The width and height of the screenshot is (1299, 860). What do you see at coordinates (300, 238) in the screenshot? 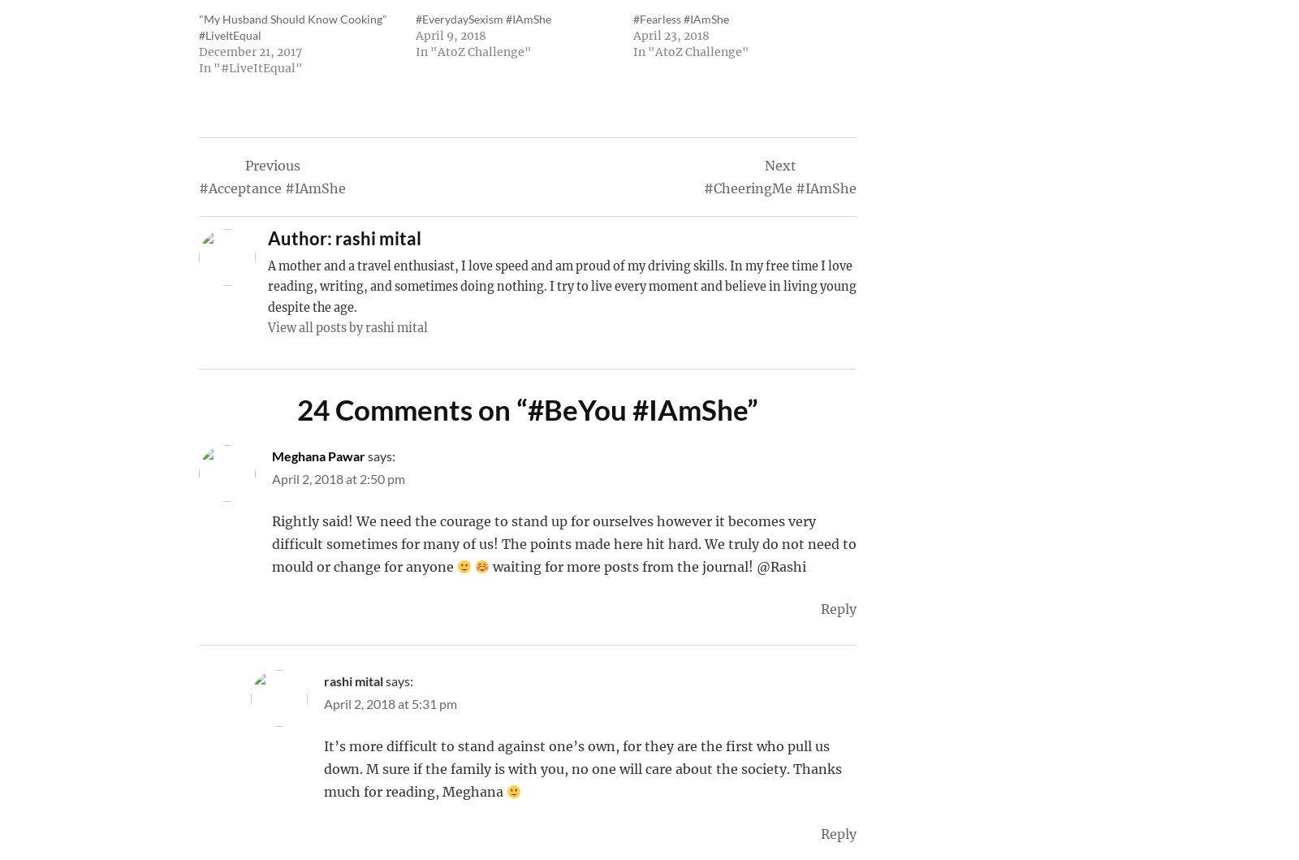
I see `'Author:'` at bounding box center [300, 238].